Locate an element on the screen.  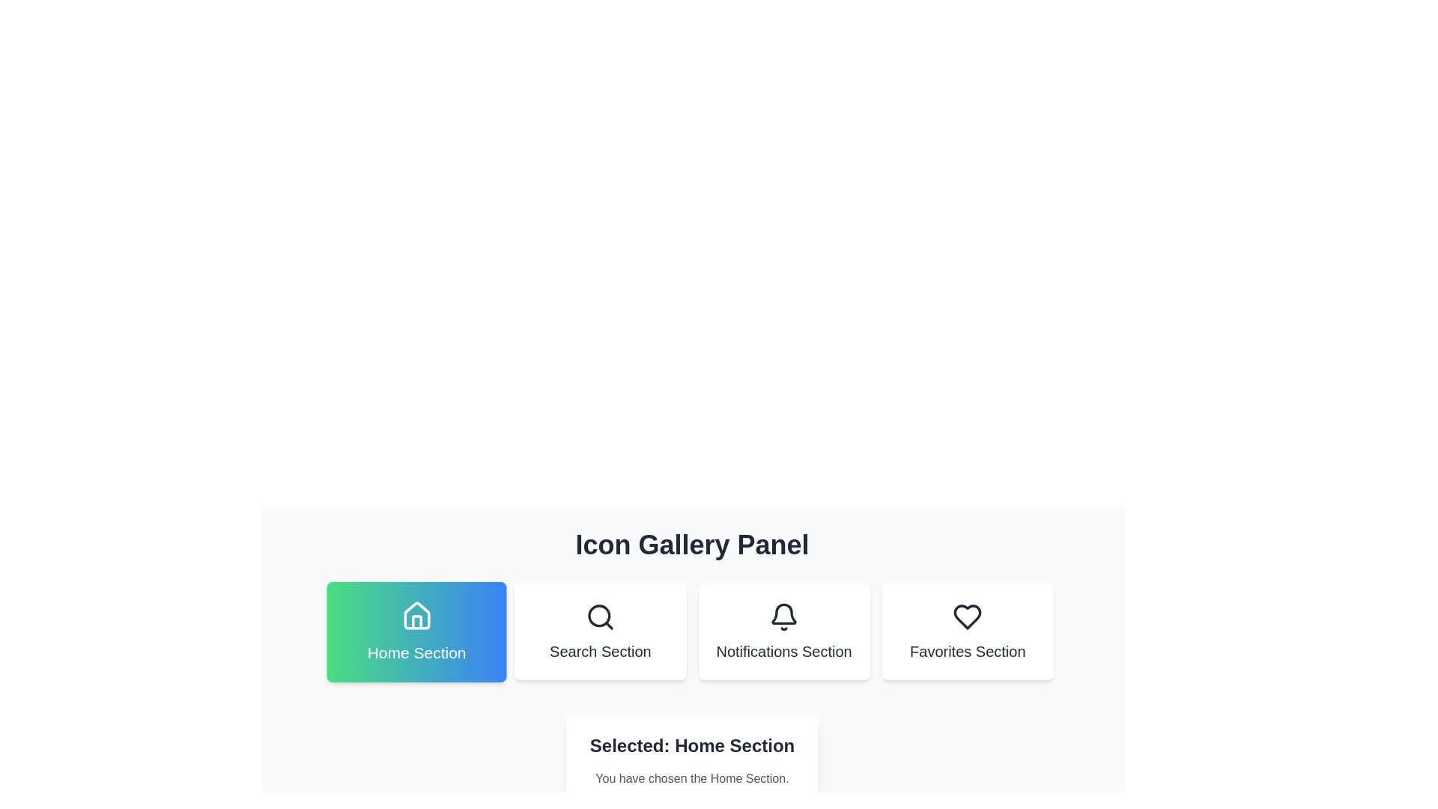
the 'Home Section' text label which is styled with a bold, modern font and centered within a blue-green gradient background is located at coordinates (416, 652).